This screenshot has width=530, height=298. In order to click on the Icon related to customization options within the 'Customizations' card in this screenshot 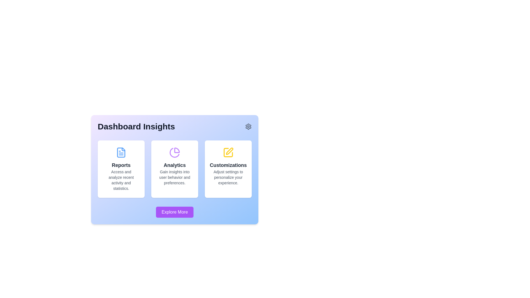, I will do `click(228, 152)`.